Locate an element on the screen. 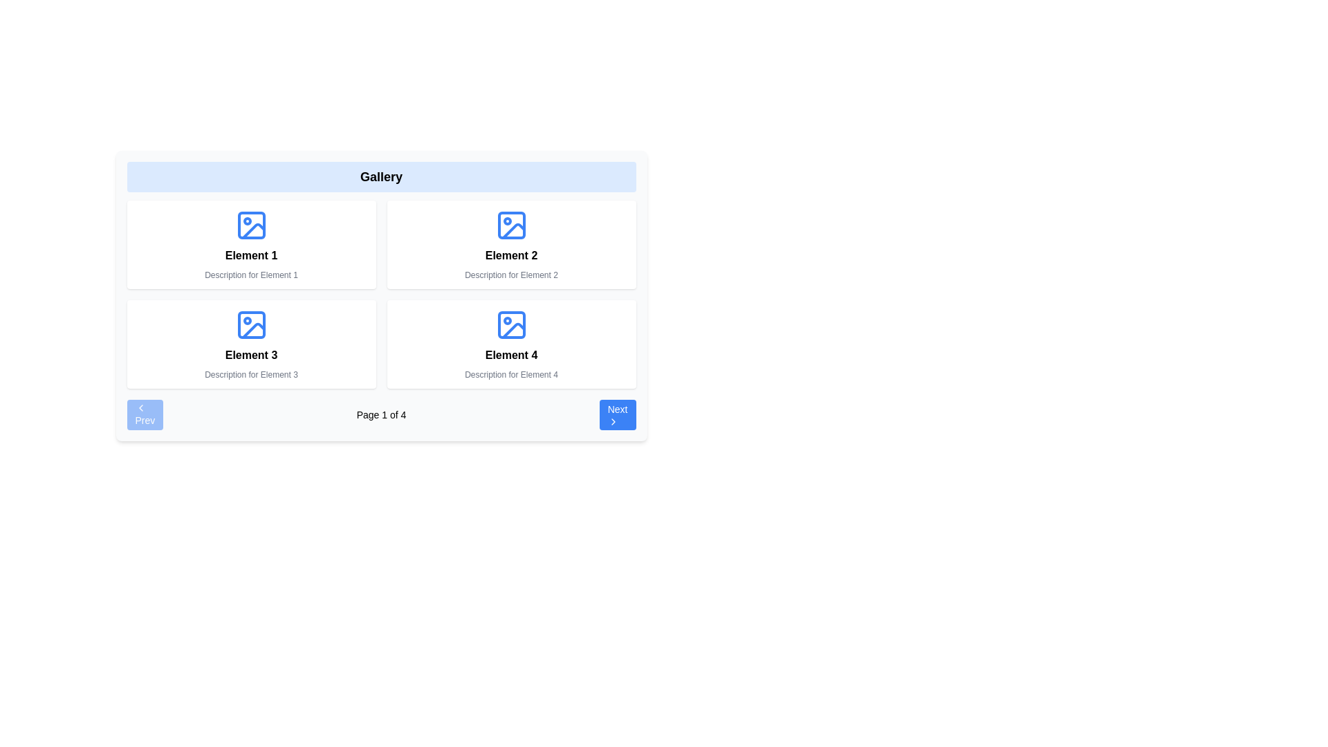 The width and height of the screenshot is (1328, 747). the static text label providing additional information about the card titled 'Element 1', located directly below the bold heading text within the first card of the grid layout is located at coordinates (251, 275).